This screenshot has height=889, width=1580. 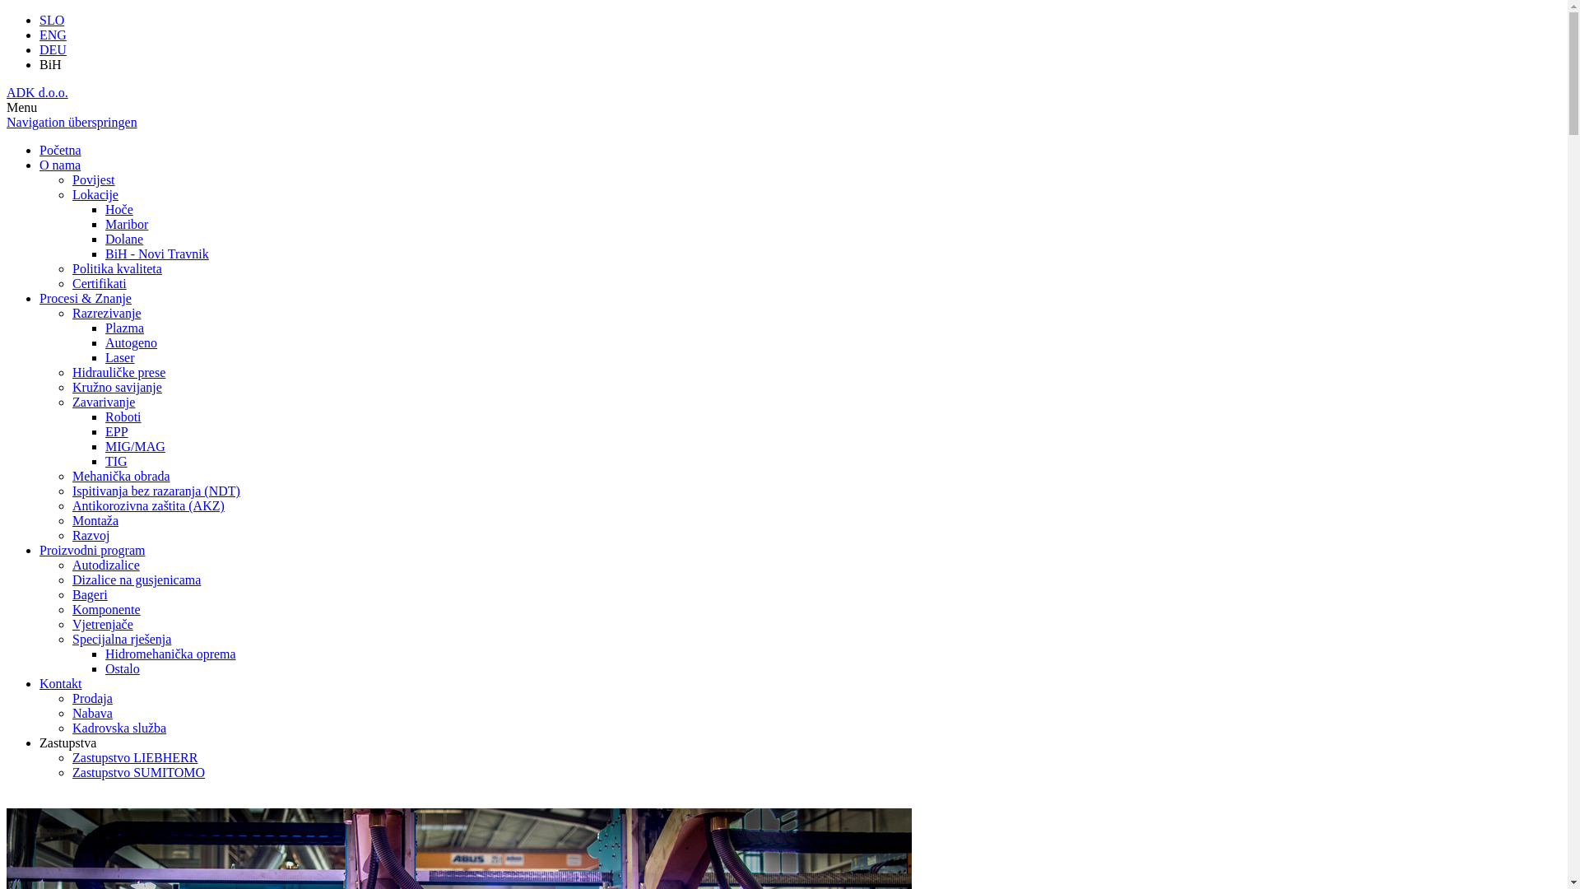 What do you see at coordinates (116, 268) in the screenshot?
I see `'Politika kvaliteta'` at bounding box center [116, 268].